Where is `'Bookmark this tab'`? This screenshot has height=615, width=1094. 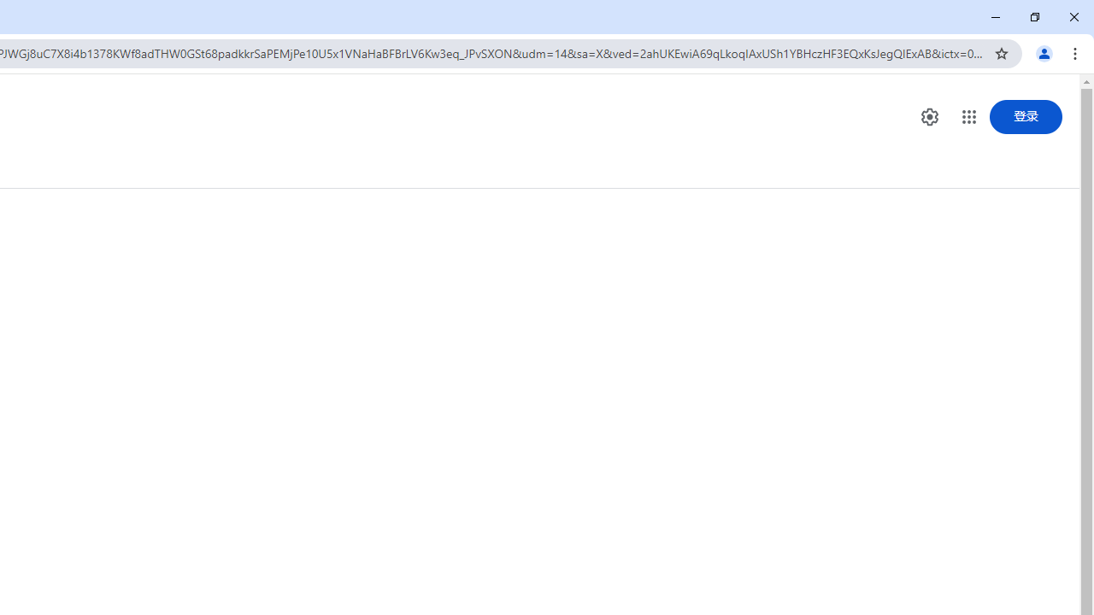 'Bookmark this tab' is located at coordinates (1001, 52).